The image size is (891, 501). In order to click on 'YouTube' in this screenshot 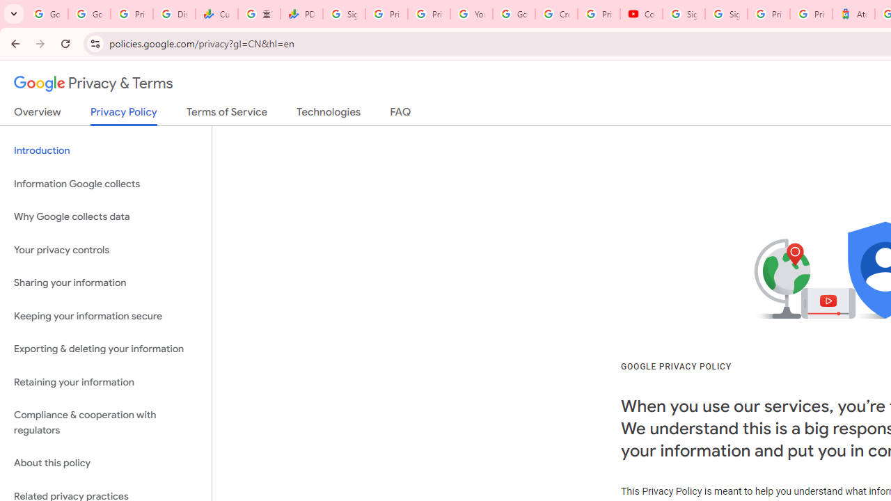, I will do `click(471, 14)`.